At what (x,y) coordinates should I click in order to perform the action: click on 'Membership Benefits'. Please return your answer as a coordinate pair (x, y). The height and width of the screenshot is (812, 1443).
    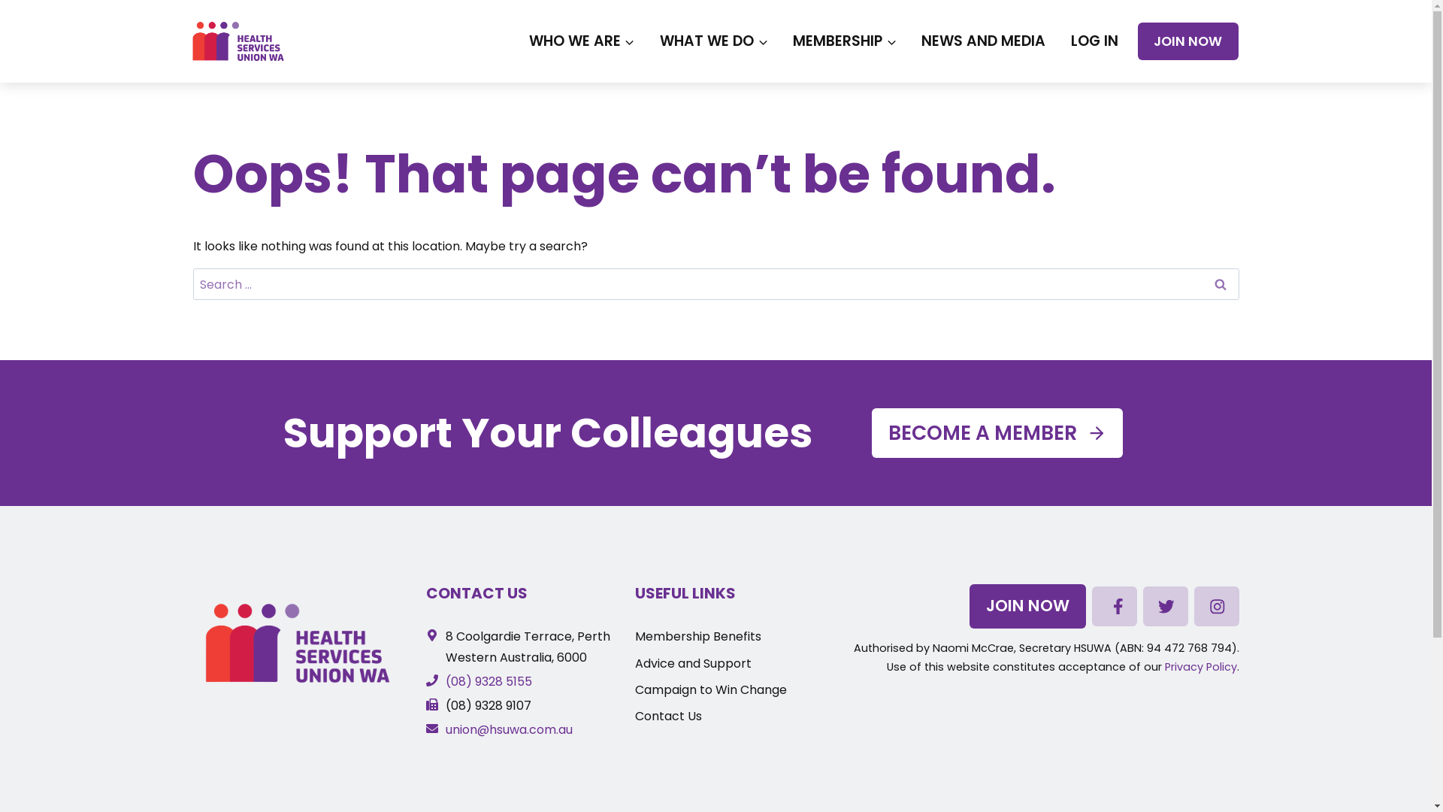
    Looking at the image, I should click on (697, 636).